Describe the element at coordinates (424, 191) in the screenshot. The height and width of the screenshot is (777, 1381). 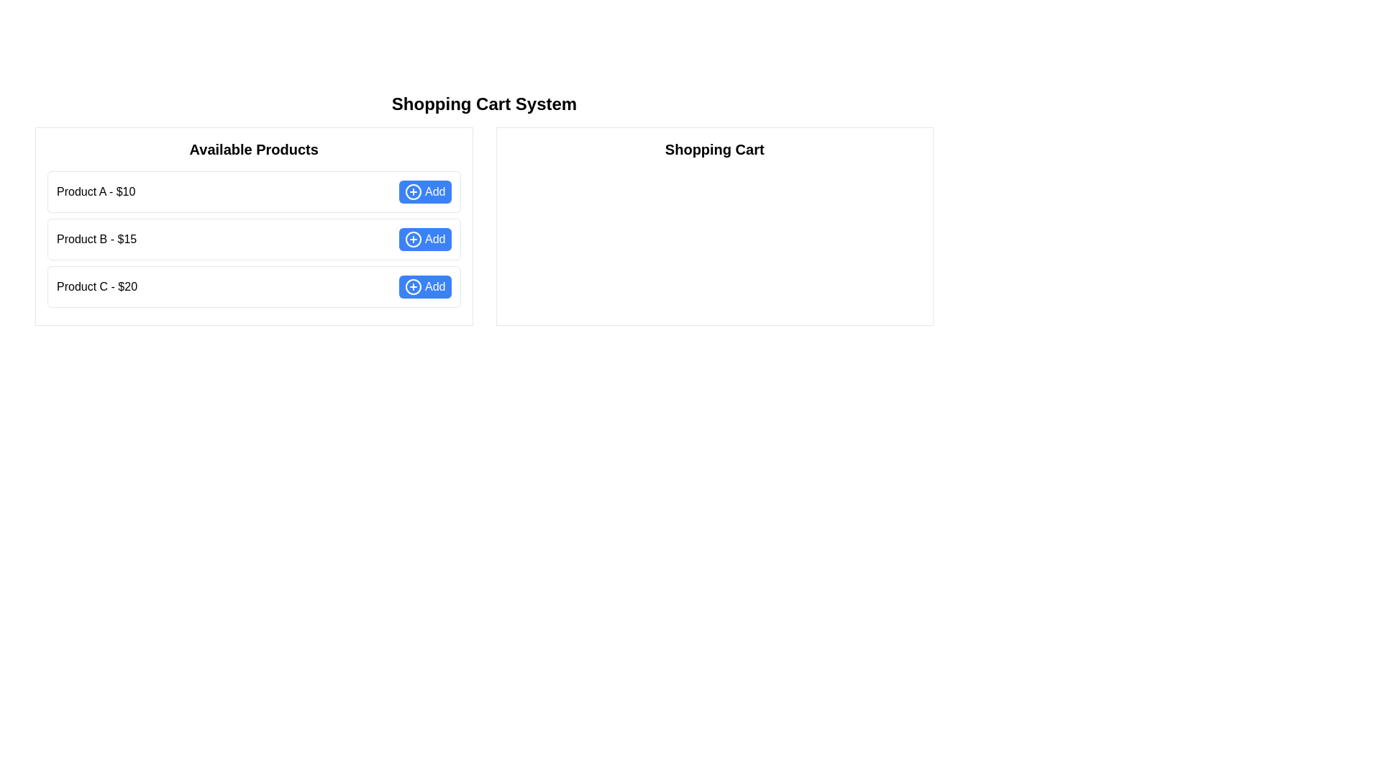
I see `the button for 'Product A' in the 'Available Products' section` at that location.